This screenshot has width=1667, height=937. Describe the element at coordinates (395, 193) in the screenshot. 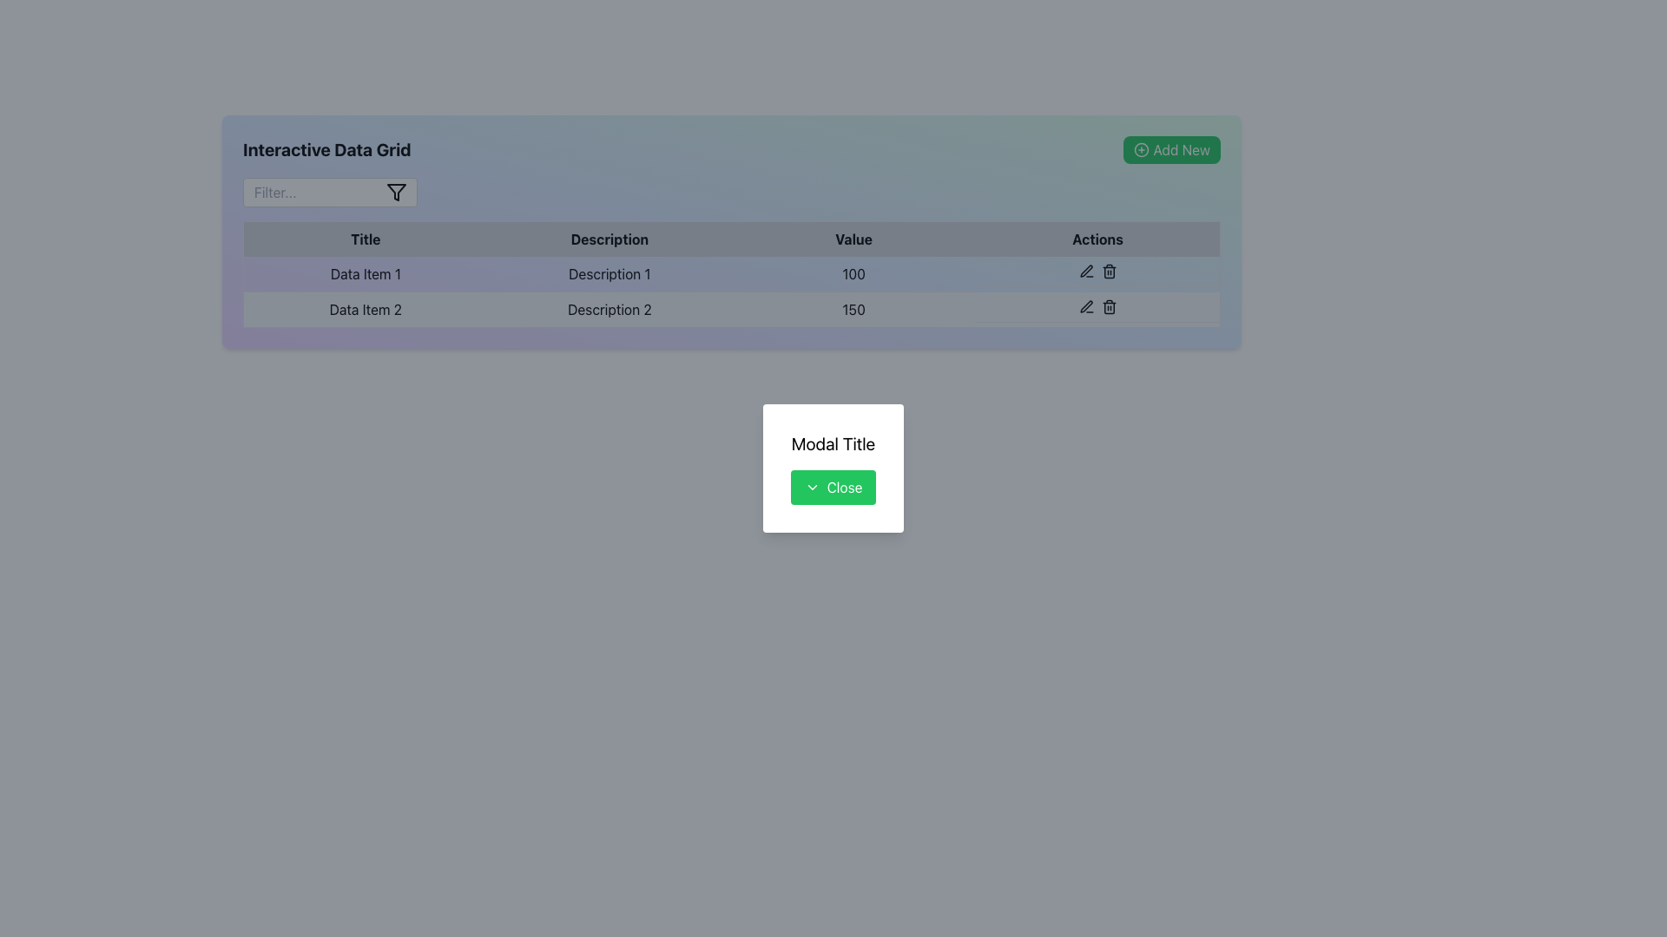

I see `the filter icon, which is an SVG element shaped like an inverted funnel located on the right side of the filter input box in the header of the data grid interface` at that location.